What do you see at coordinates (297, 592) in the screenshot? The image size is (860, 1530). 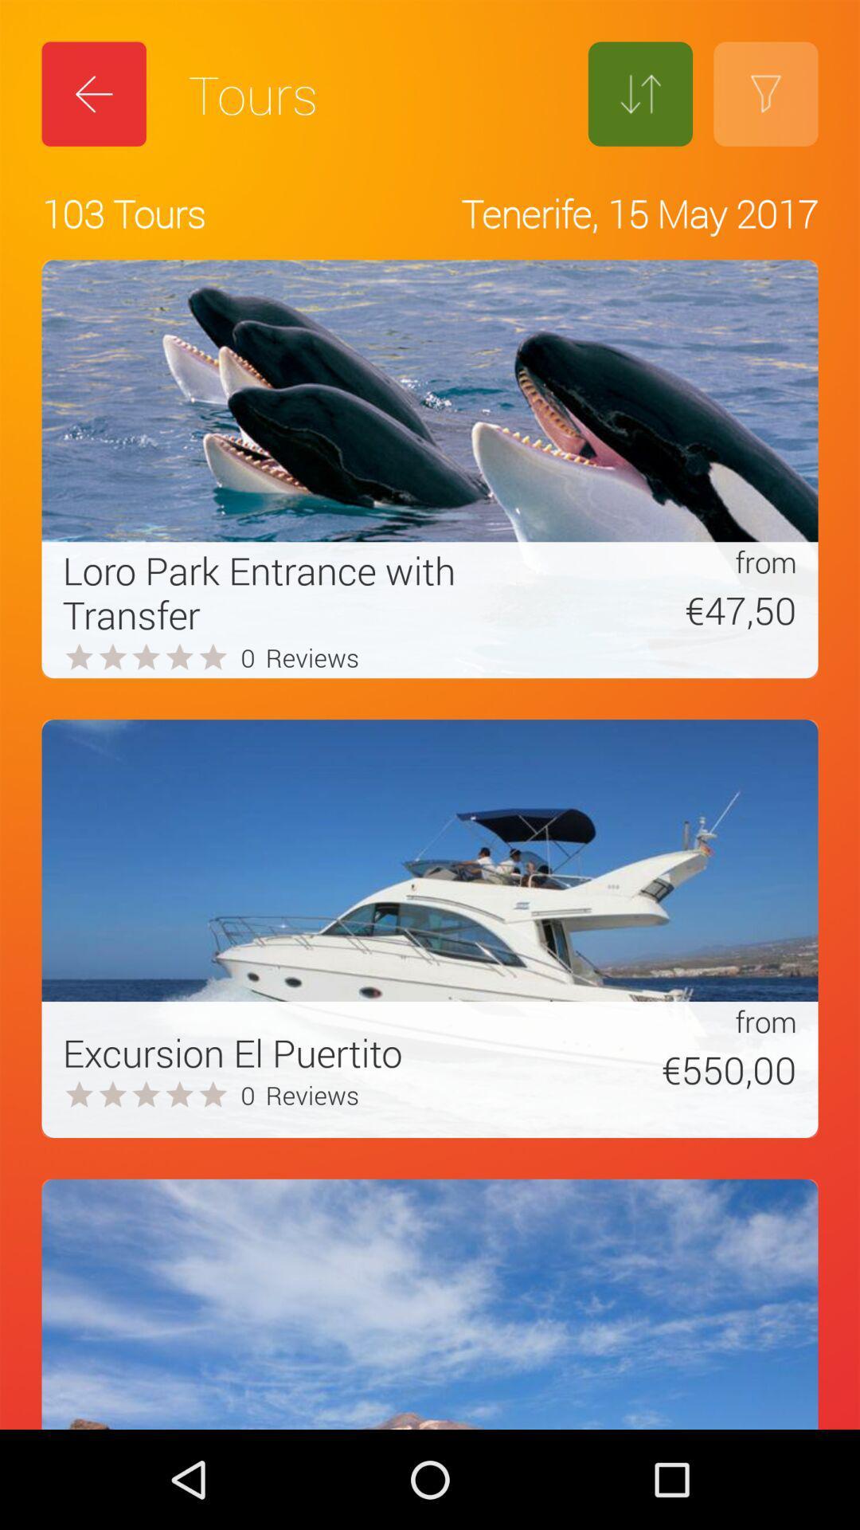 I see `item below the 103 tours icon` at bounding box center [297, 592].